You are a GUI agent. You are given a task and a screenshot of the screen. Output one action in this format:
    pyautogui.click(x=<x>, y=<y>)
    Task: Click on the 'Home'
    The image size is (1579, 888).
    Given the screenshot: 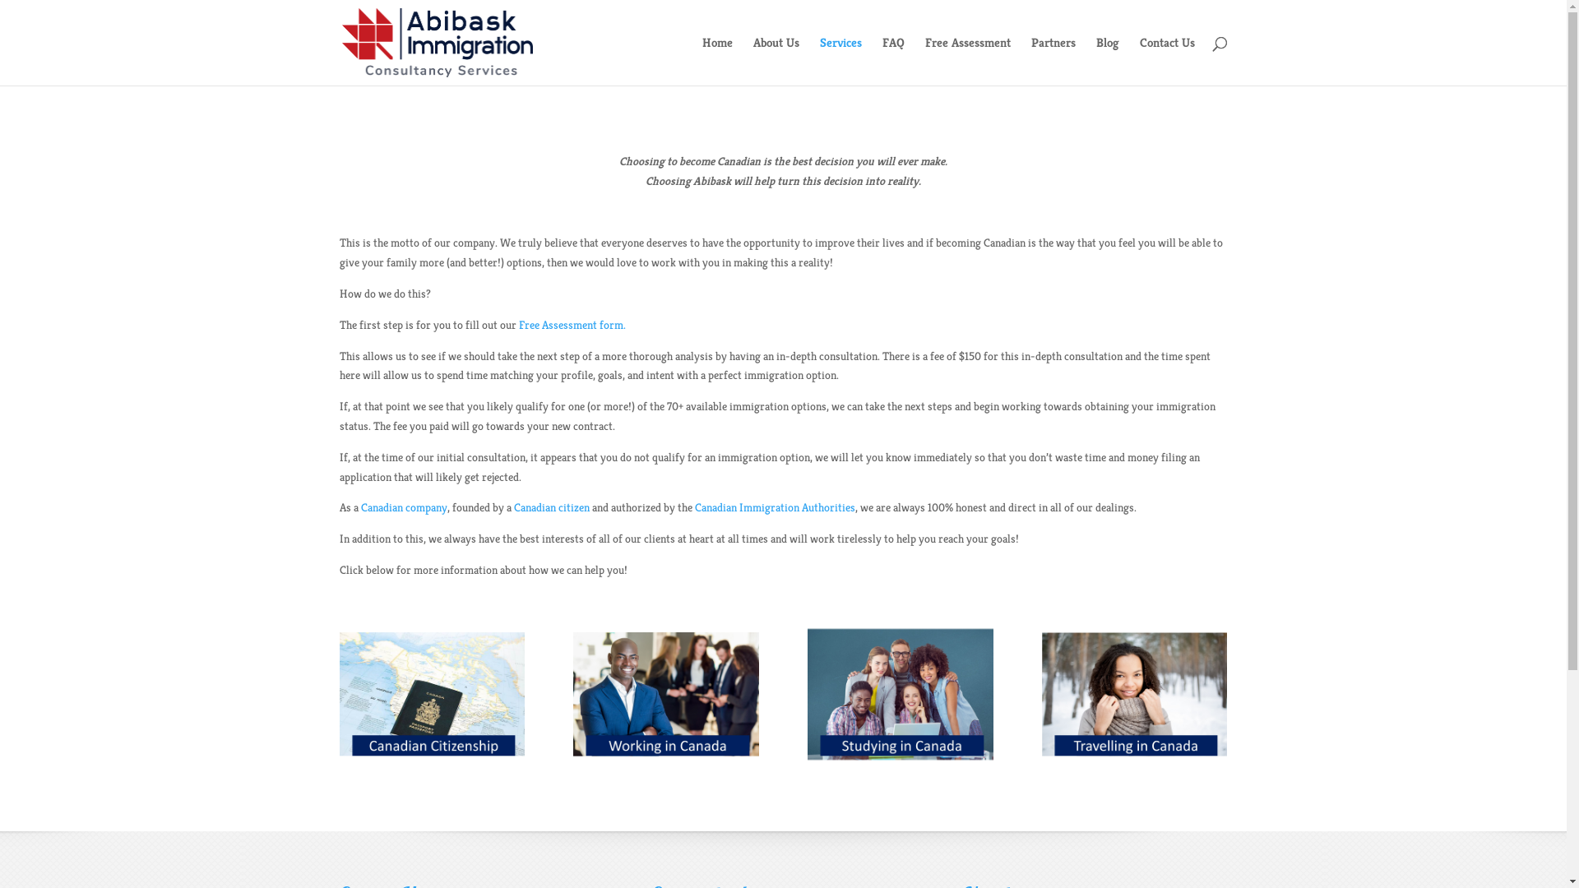 What is the action you would take?
    pyautogui.click(x=717, y=60)
    